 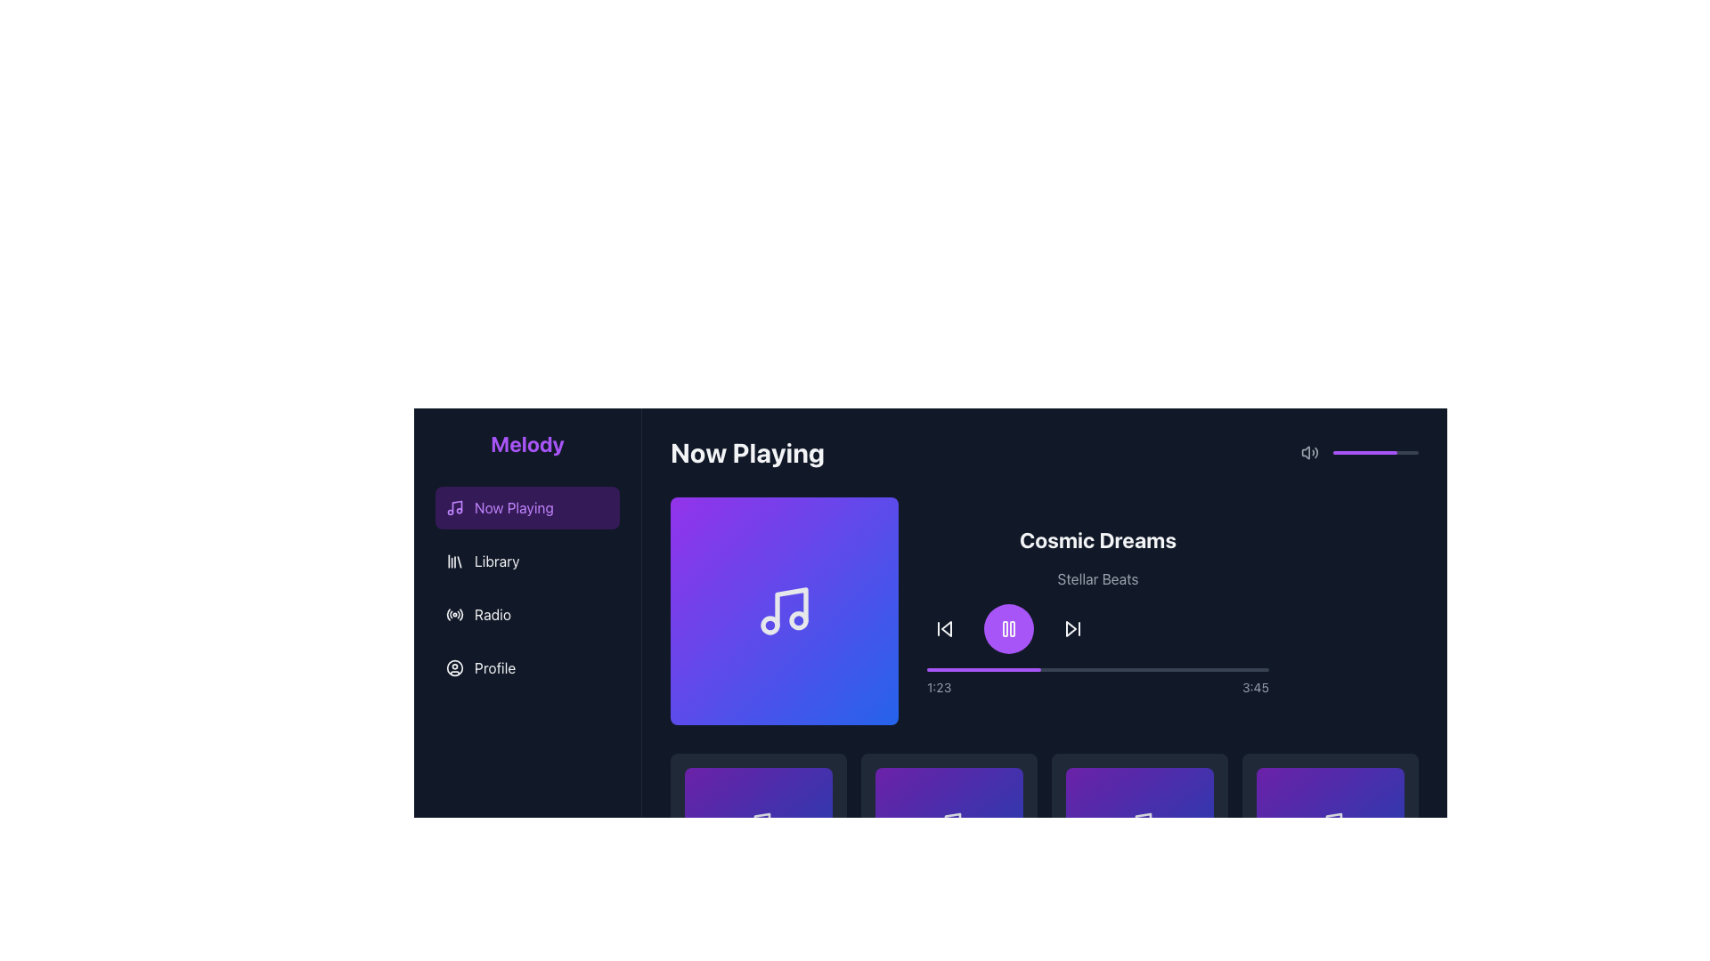 What do you see at coordinates (493, 613) in the screenshot?
I see `the 'Radio' text label within the navigation menu for accessibility purposes` at bounding box center [493, 613].